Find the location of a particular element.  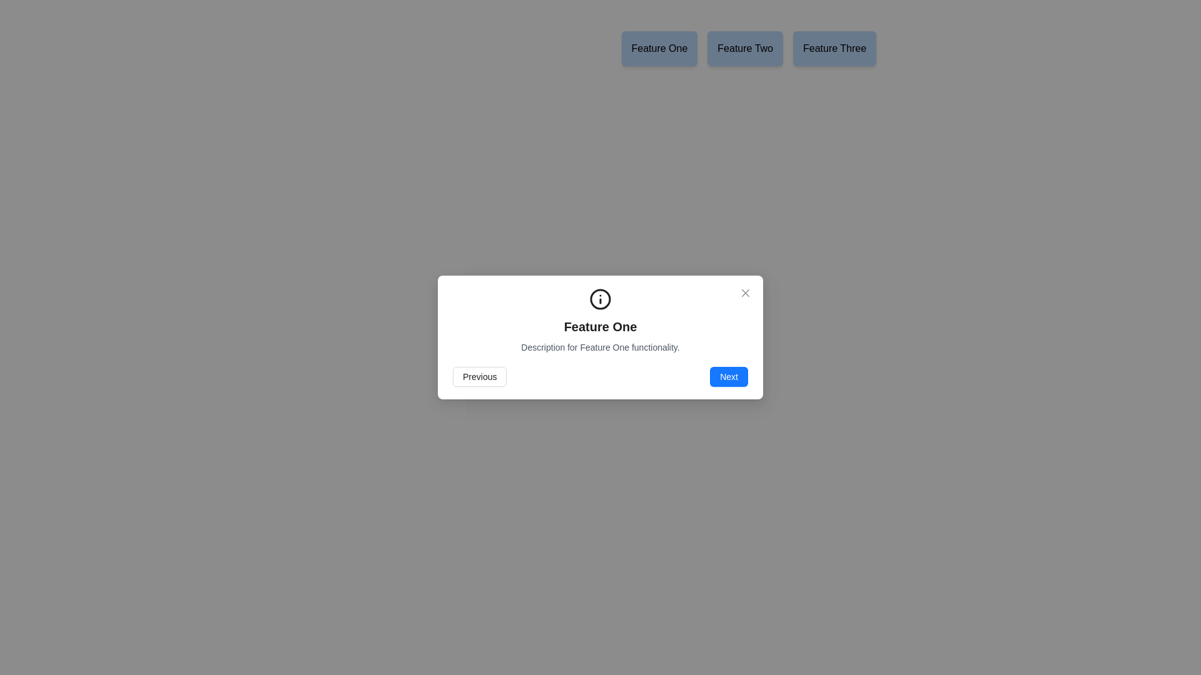

the 'Feature One' button, which is the first in a group of three horizontally aligned buttons located in the top-central area of the interface is located at coordinates (659, 47).